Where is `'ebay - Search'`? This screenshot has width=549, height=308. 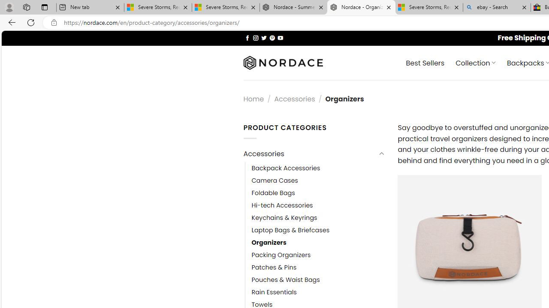 'ebay - Search' is located at coordinates (497, 7).